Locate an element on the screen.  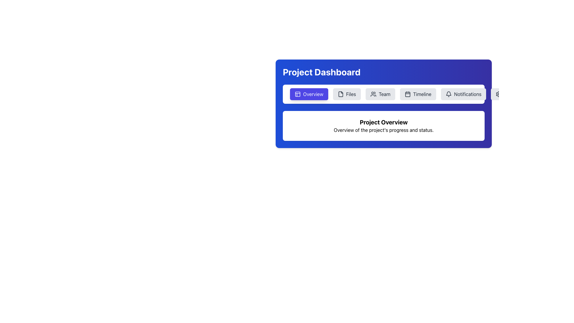
the 'Files' icon, which is located to the immediate left of the text label 'Files' in the navigation buttons of the 'Project Dashboard' is located at coordinates (341, 94).